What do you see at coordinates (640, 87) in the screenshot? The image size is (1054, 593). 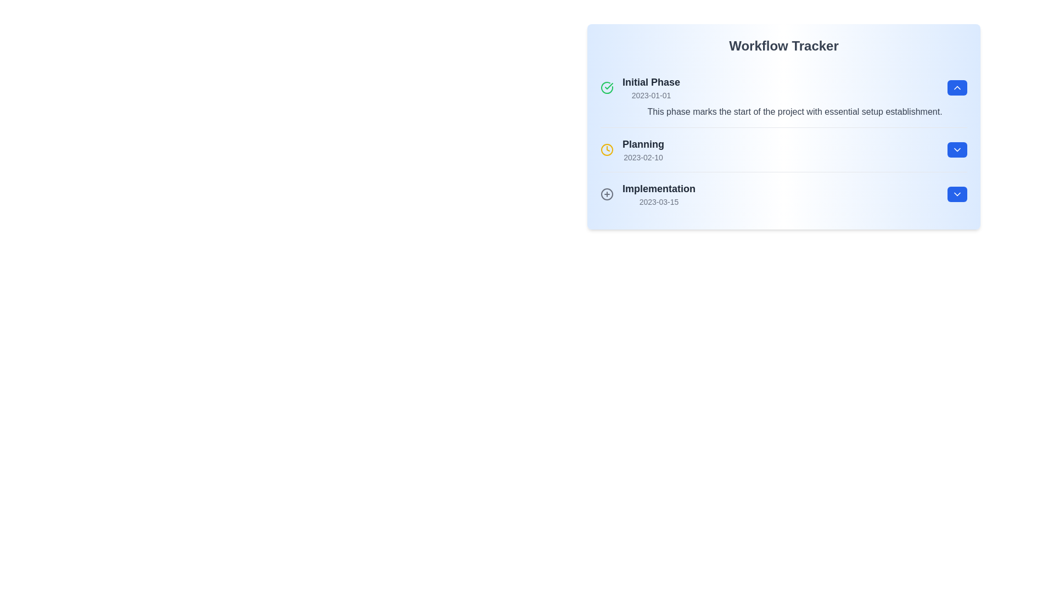 I see `the first list item in the 'Workflow Tracker' panel that displays the title and starting date of the initial phase of a workflow` at bounding box center [640, 87].